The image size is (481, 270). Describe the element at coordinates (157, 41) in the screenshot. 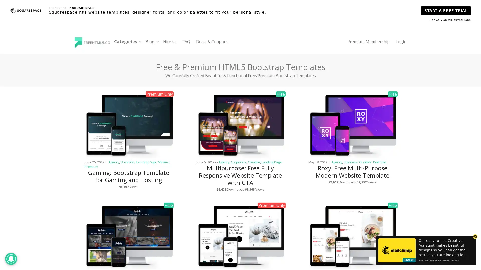

I see `Expand child menu` at that location.